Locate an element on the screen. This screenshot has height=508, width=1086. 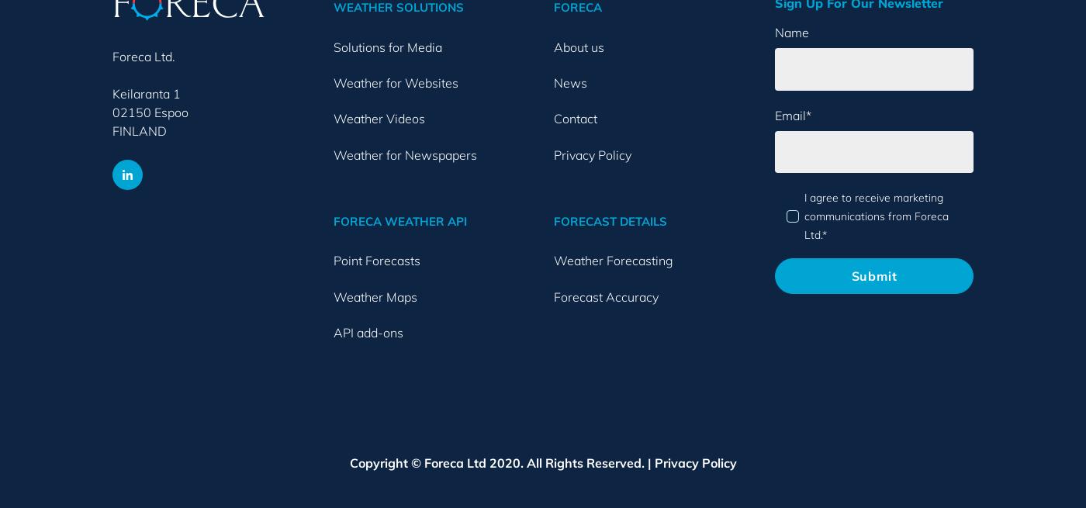
'I agree to receive marketing communications from Foreca Ltd.' is located at coordinates (875, 215).